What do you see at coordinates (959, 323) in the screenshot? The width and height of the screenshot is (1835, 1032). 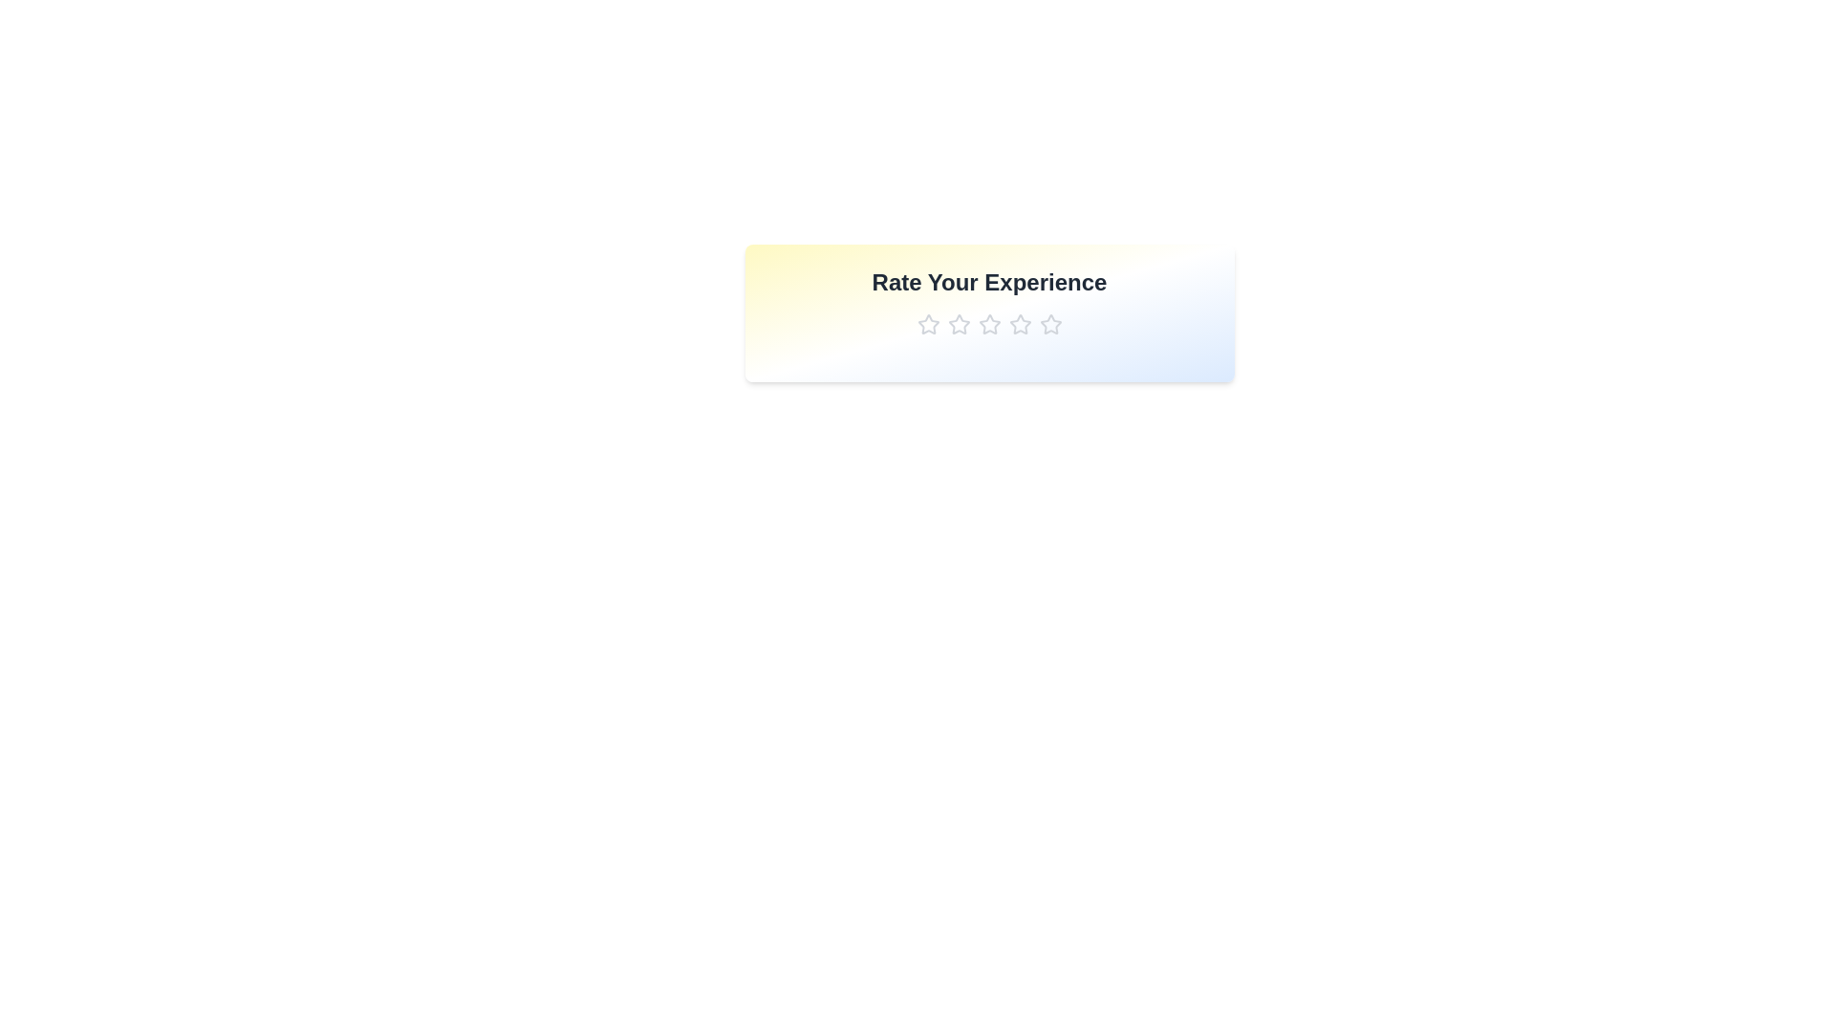 I see `the star corresponding to 2 to observe the hover effect` at bounding box center [959, 323].